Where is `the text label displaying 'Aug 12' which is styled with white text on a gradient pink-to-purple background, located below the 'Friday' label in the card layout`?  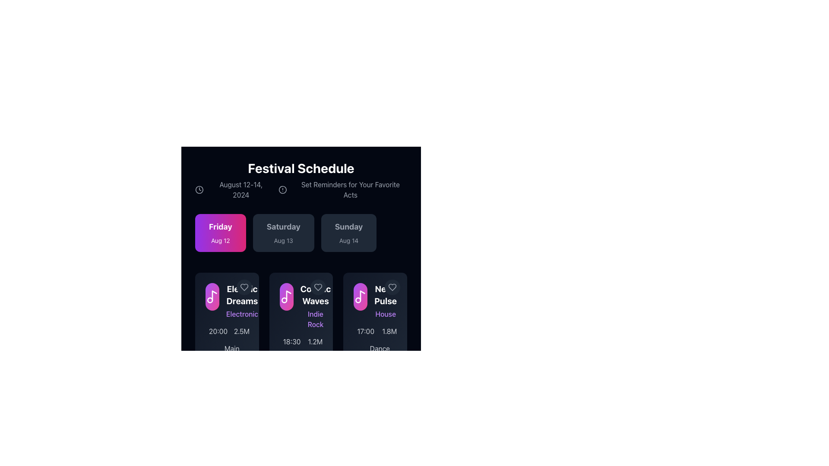
the text label displaying 'Aug 12' which is styled with white text on a gradient pink-to-purple background, located below the 'Friday' label in the card layout is located at coordinates (220, 241).